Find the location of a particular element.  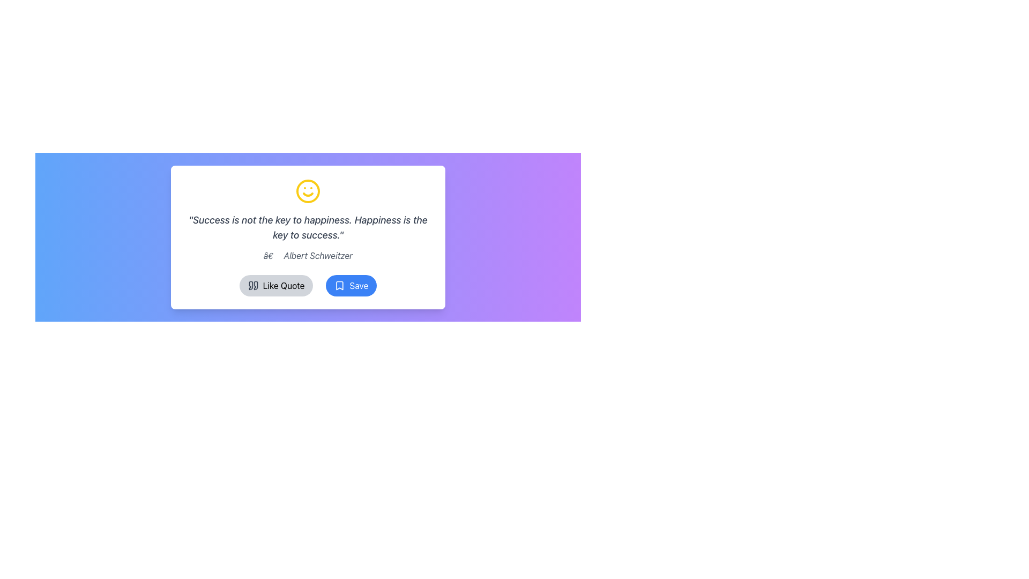

the save or bookmark button located at the bottom of the card section, which is positioned to the right of the 'Like Quote' button is located at coordinates (351, 285).